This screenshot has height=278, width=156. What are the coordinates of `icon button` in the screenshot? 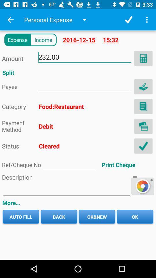 It's located at (143, 86).